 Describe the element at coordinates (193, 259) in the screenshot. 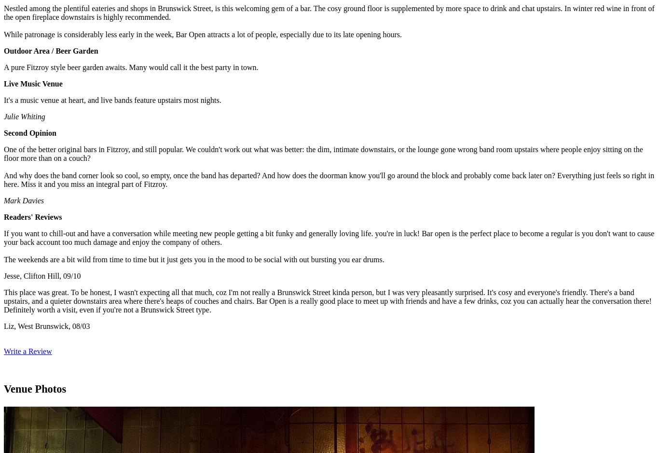

I see `'The weekends are a bit wild from time to time but it just gets you in the mood to be social with out bursting you ear drums.'` at that location.